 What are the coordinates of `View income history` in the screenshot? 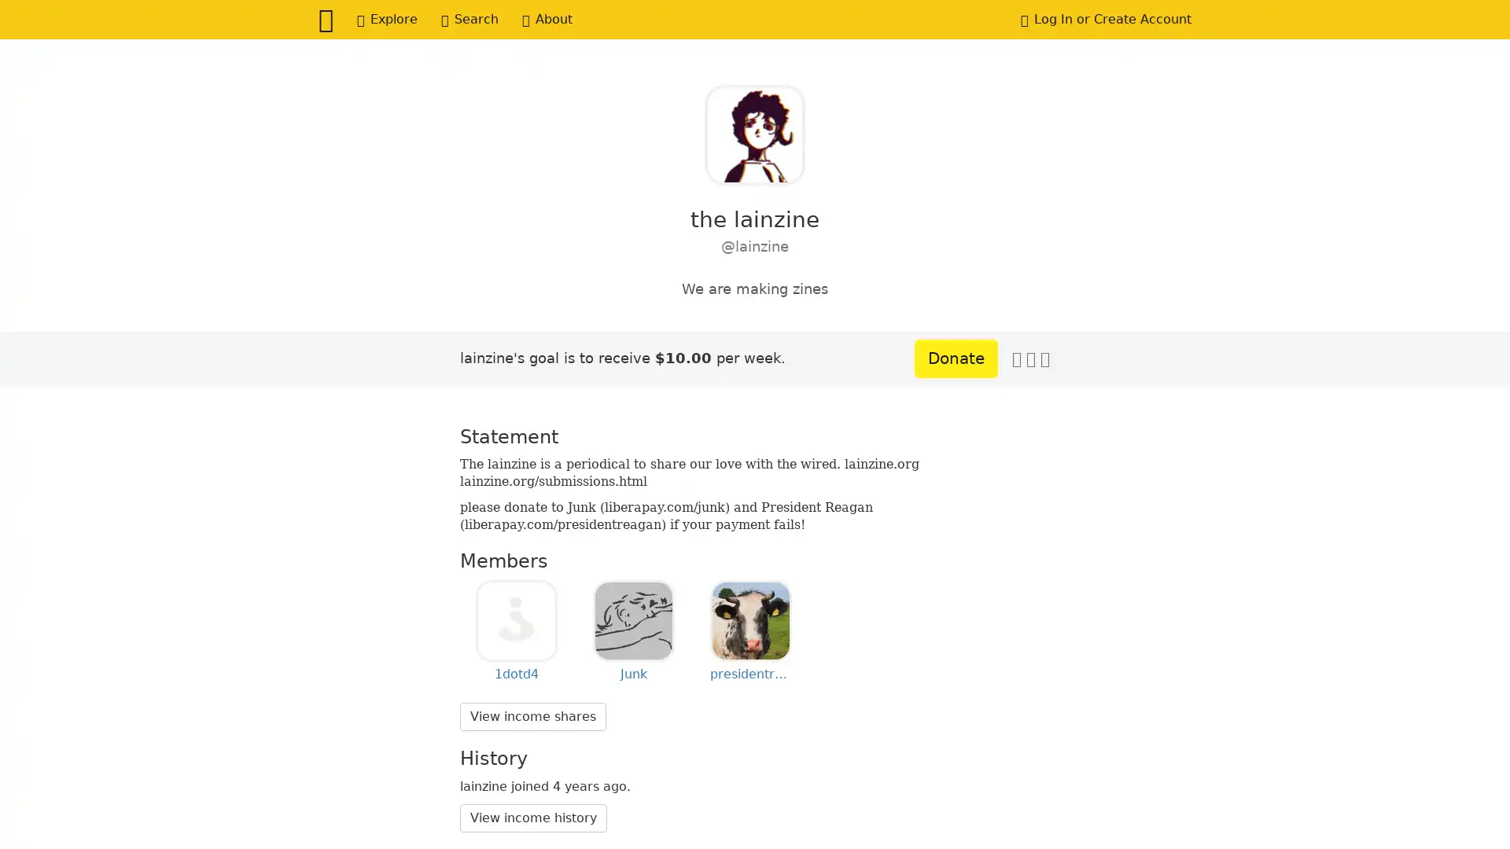 It's located at (533, 817).